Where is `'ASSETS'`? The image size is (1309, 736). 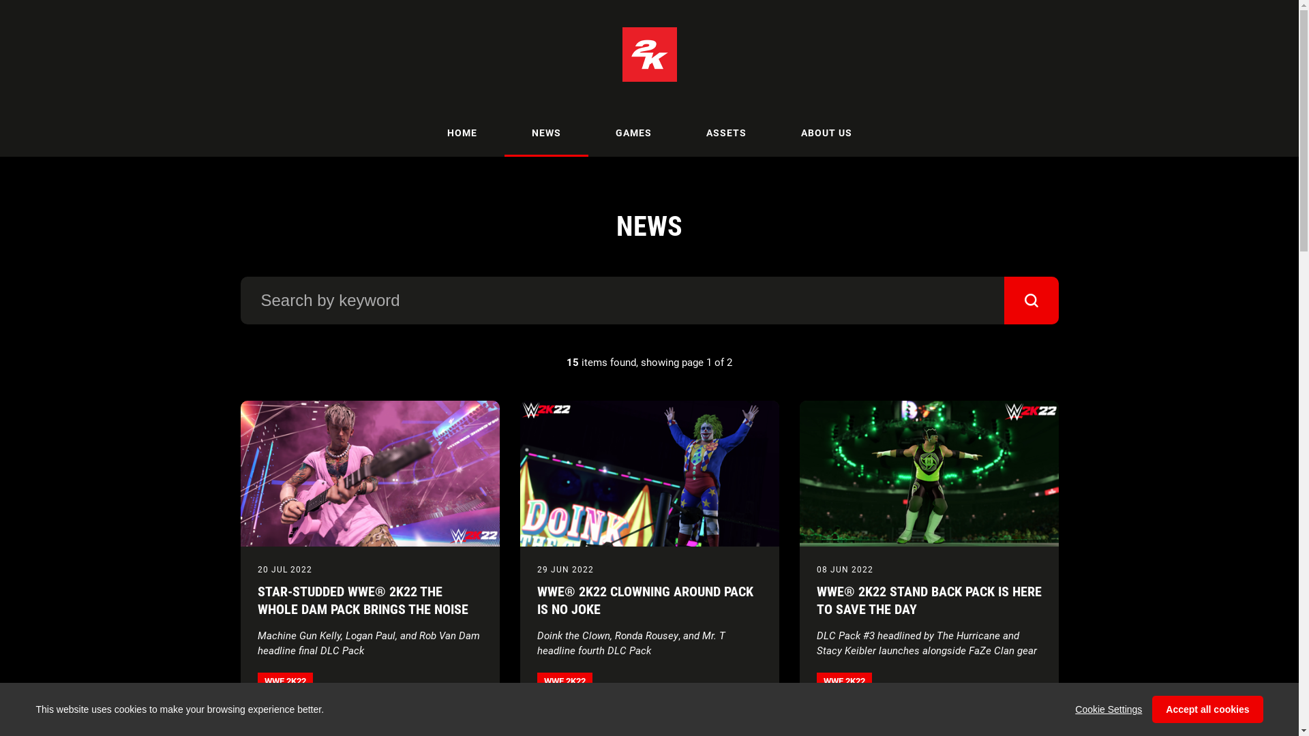 'ASSETS' is located at coordinates (679, 133).